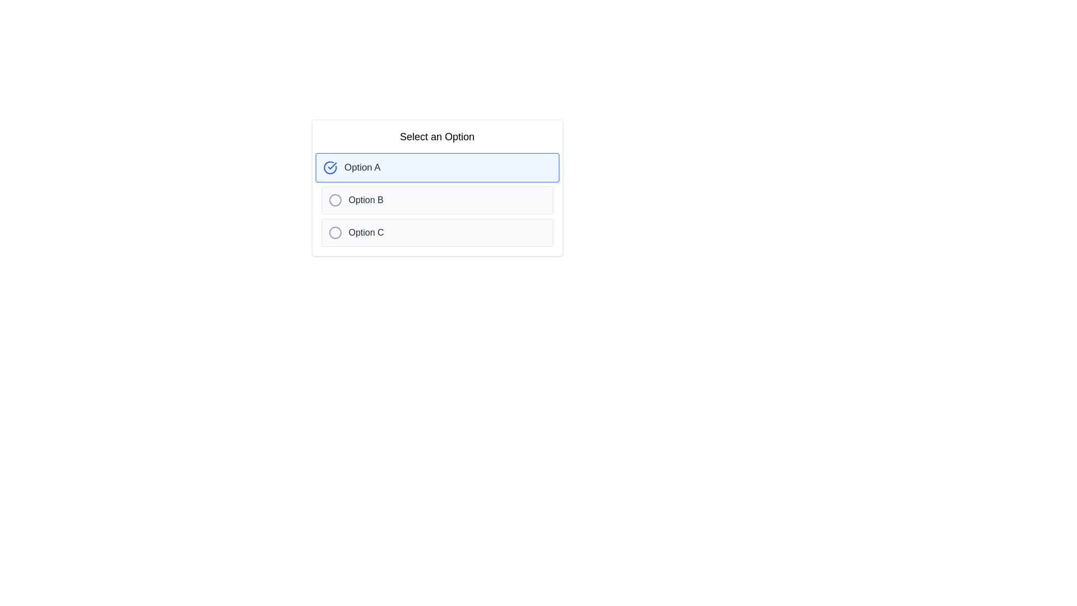  I want to click on the radio button option 'Option B' in the selectable group, so click(436, 200).